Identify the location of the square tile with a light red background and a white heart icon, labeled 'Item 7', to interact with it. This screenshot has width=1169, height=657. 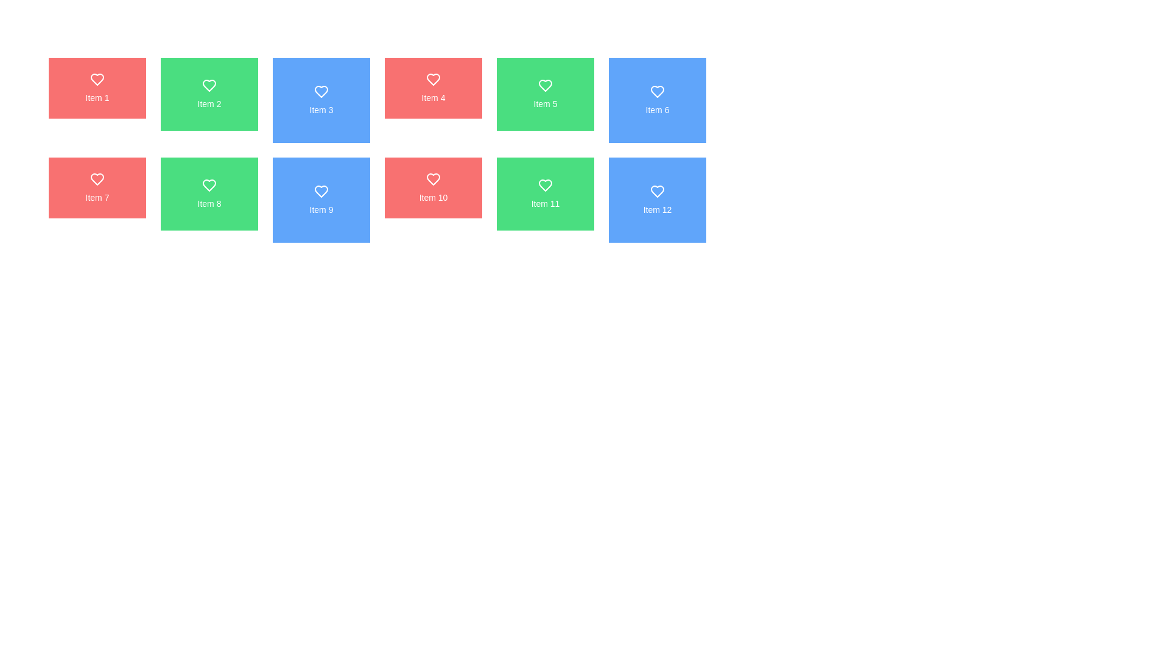
(96, 187).